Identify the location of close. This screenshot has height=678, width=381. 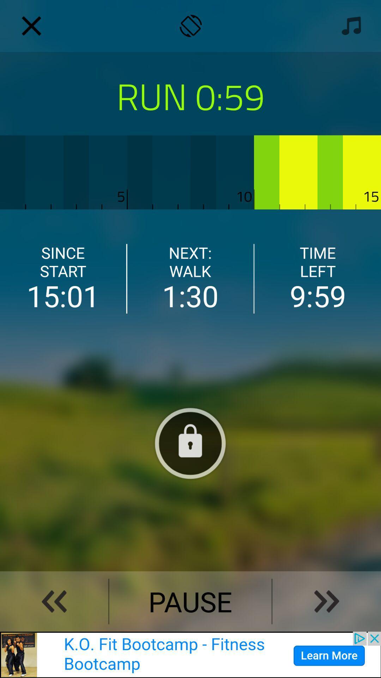
(31, 26).